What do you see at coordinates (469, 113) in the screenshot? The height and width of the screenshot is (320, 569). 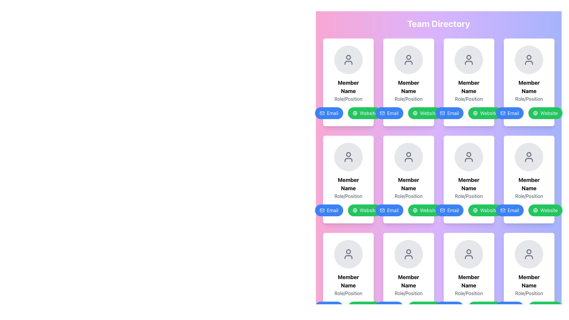 I see `the green rounded button labeled 'Website' with a globe icon, which is the second button from the left in the button group next to the 'Email' button` at bounding box center [469, 113].